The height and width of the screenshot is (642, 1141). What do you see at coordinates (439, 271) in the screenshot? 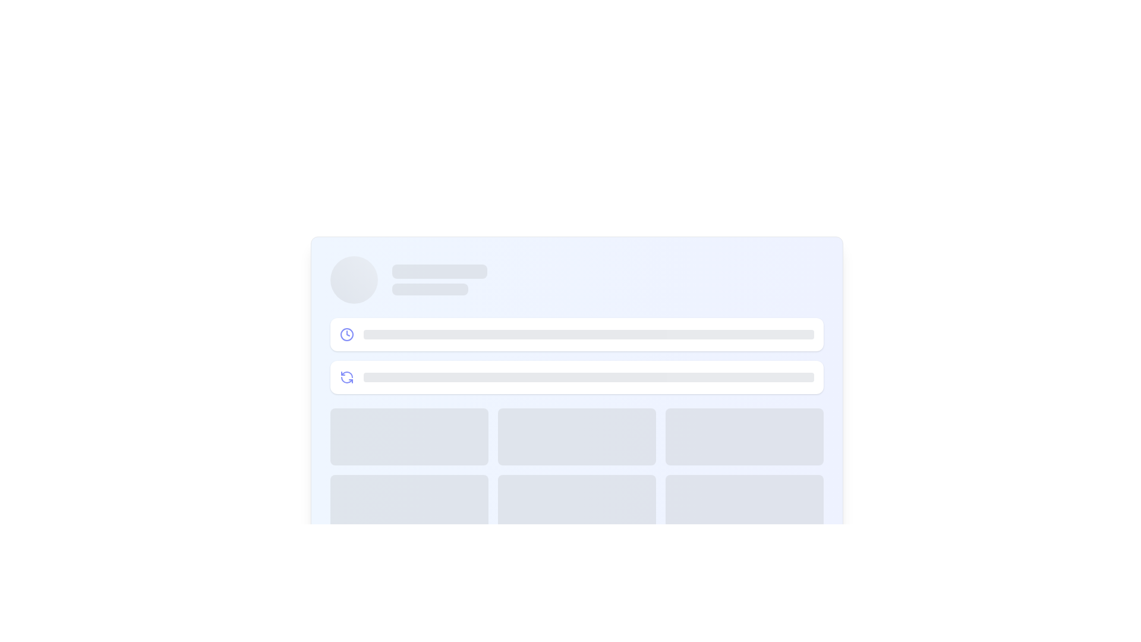
I see `the Loading placeholder, which is a rectangular element with rounded corners, styled in gray and featuring a pulse animation, positioned at the top of a vertically stacked group of placeholders` at bounding box center [439, 271].